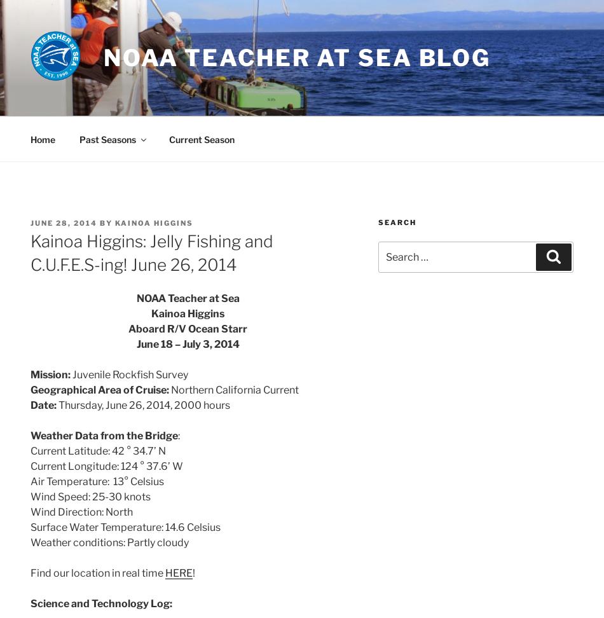  I want to click on ':', so click(178, 434).